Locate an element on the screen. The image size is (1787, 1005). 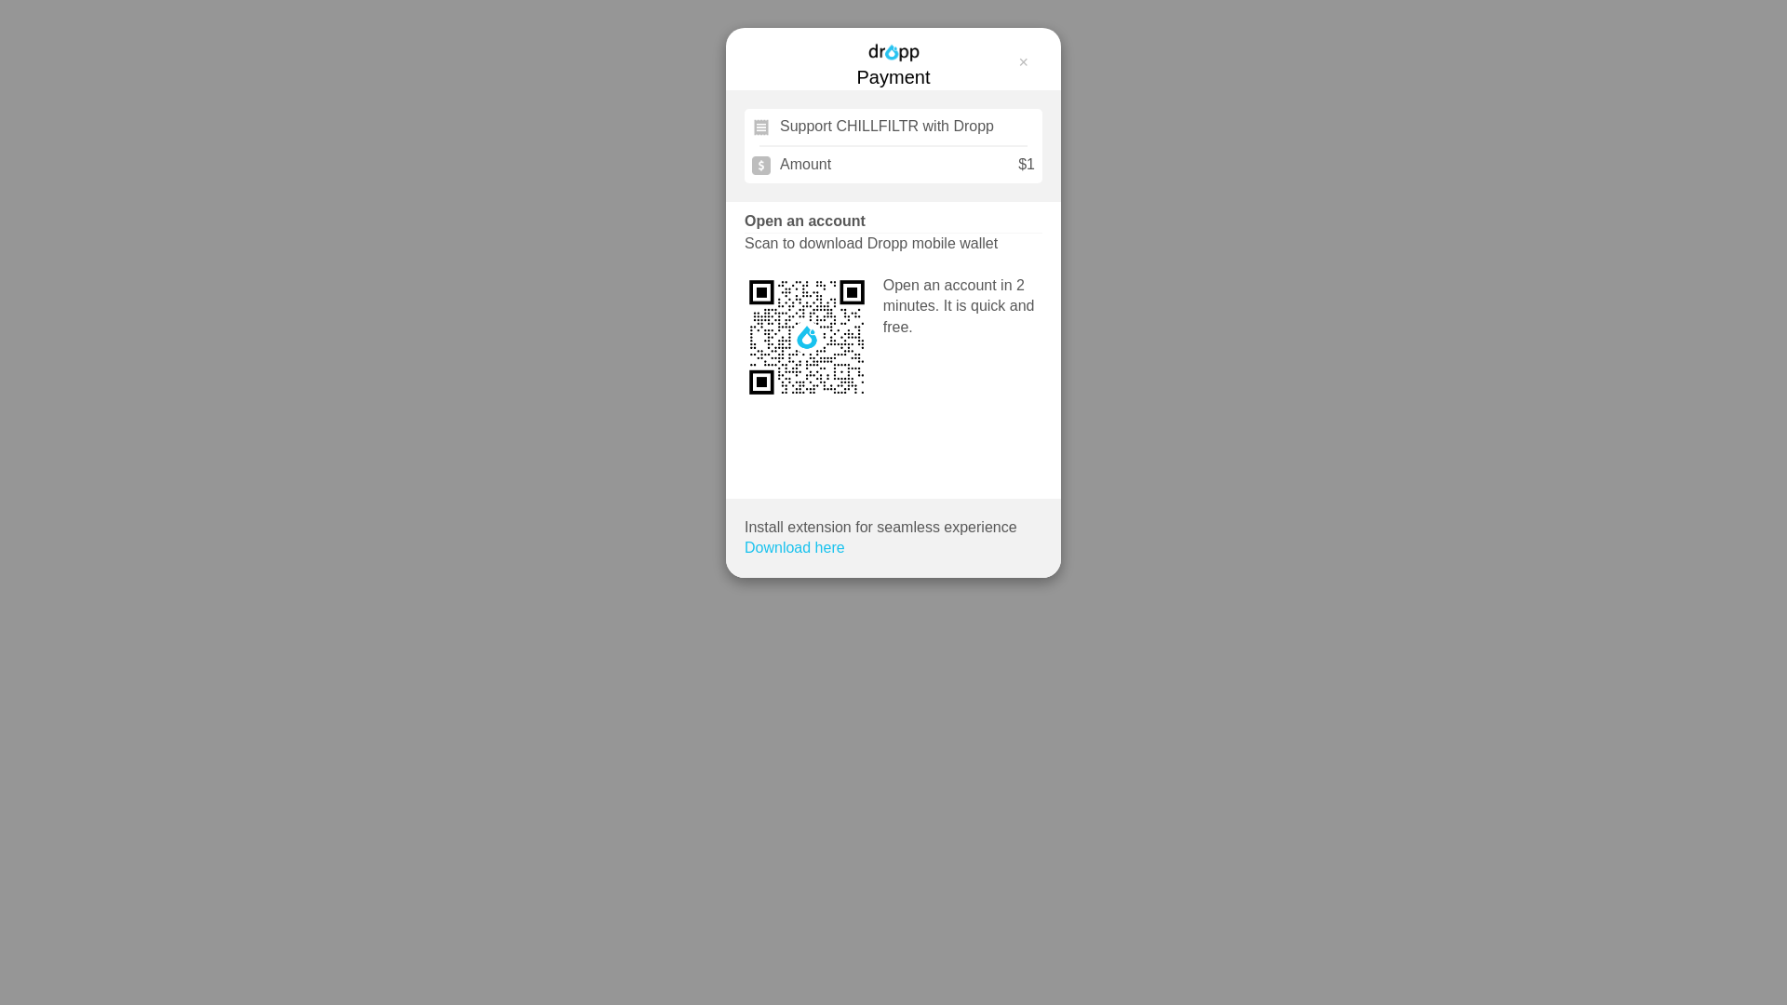
'Download here' is located at coordinates (795, 547).